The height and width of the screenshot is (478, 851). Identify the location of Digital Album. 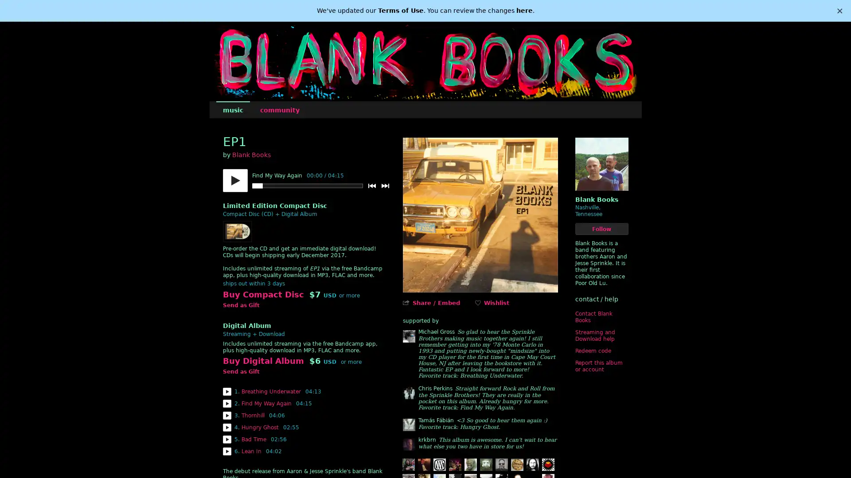
(246, 326).